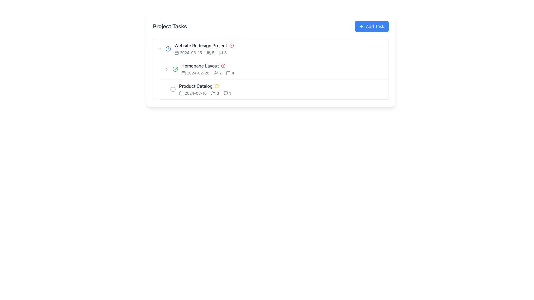  I want to click on the numeral '1' displayed in the comment statistics section, located immediately to the right of the speech bubble icon in the 'Product Catalog' item row, so click(230, 93).